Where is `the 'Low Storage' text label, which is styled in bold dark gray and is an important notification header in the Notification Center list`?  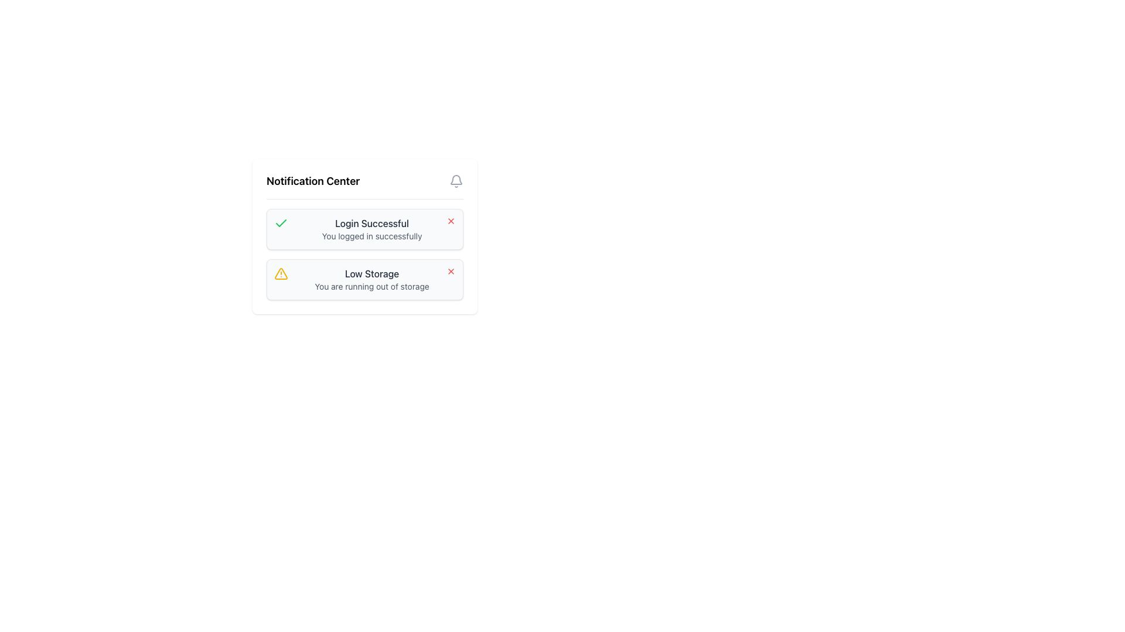 the 'Low Storage' text label, which is styled in bold dark gray and is an important notification header in the Notification Center list is located at coordinates (371, 273).